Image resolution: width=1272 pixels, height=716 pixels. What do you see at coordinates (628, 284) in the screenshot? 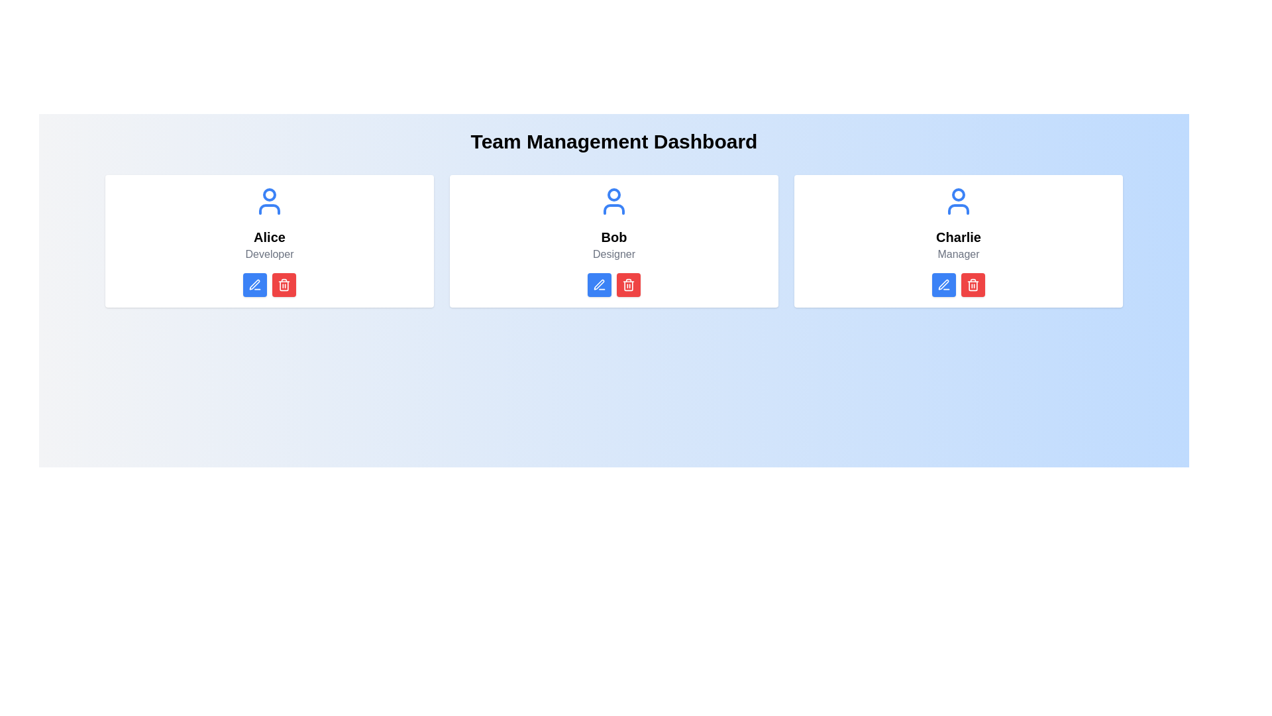
I see `the delete button represented by a trash can icon located at the bottom right corner of the second card under user 'Bob' to initiate a delete action` at bounding box center [628, 284].